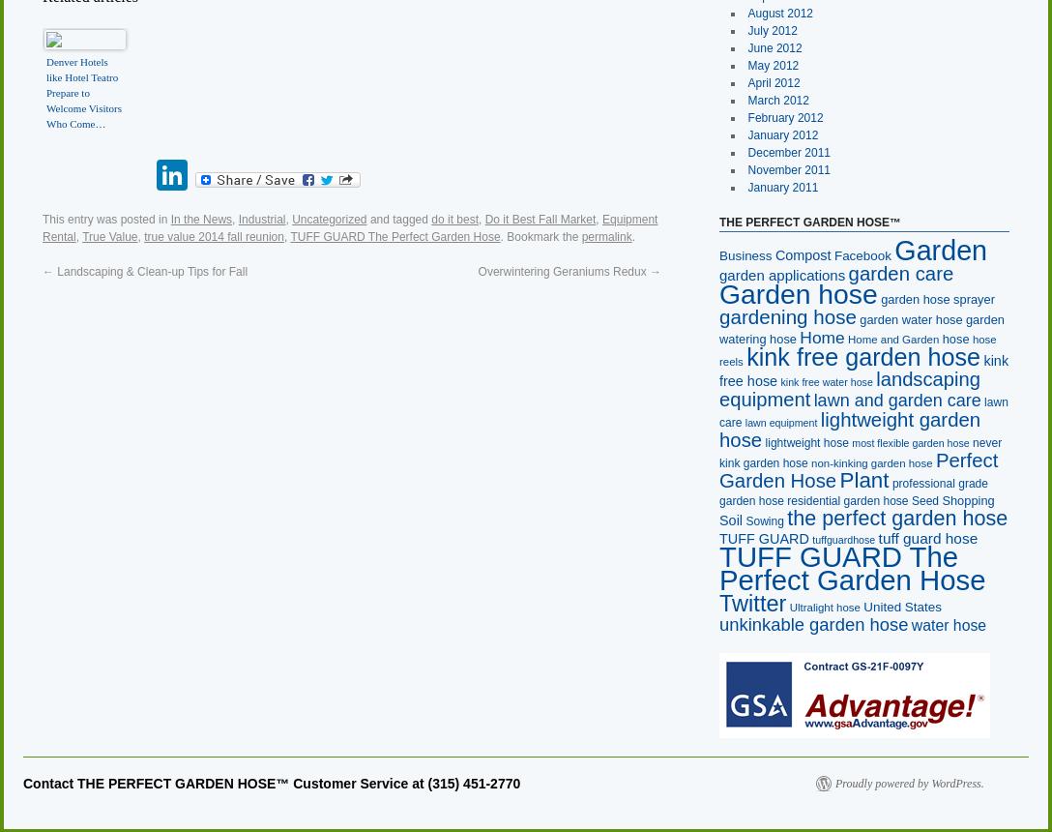  Describe the element at coordinates (581, 235) in the screenshot. I see `'permalink'` at that location.